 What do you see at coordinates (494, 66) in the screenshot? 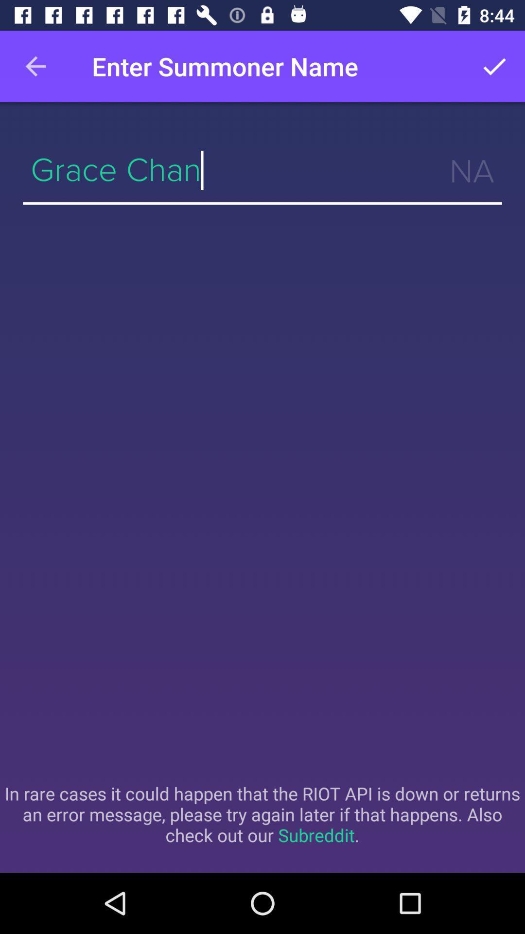
I see `the icon to the right of enter summoner name item` at bounding box center [494, 66].